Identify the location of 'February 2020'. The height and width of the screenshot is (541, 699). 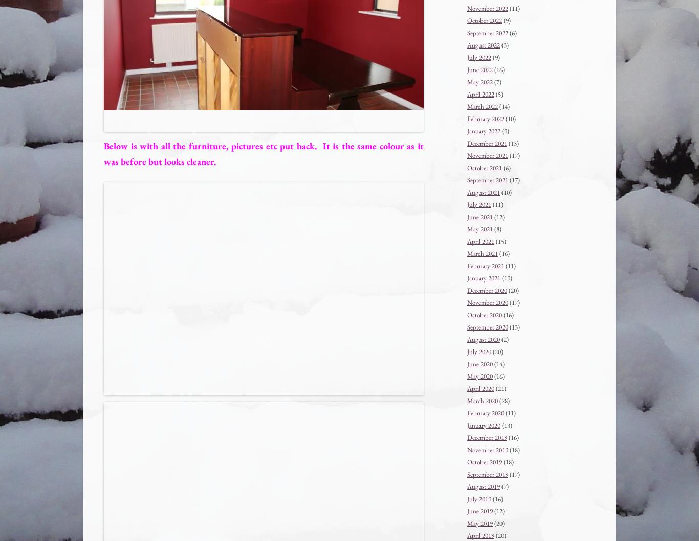
(467, 412).